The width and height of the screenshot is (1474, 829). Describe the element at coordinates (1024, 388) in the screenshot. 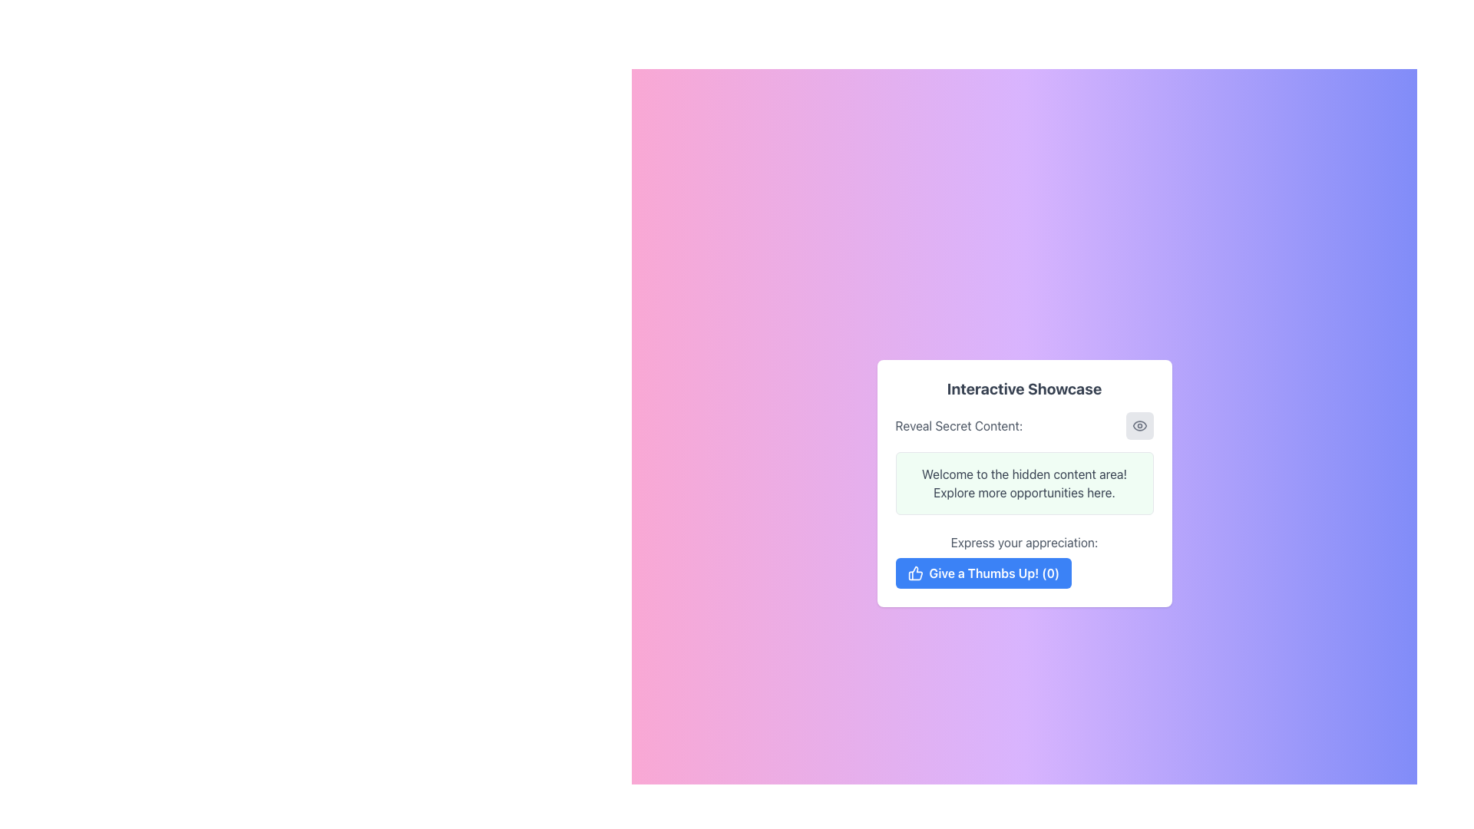

I see `the text label reading 'Interactive Showcase', which is located at the top of a white, rounded rectangular panel` at that location.